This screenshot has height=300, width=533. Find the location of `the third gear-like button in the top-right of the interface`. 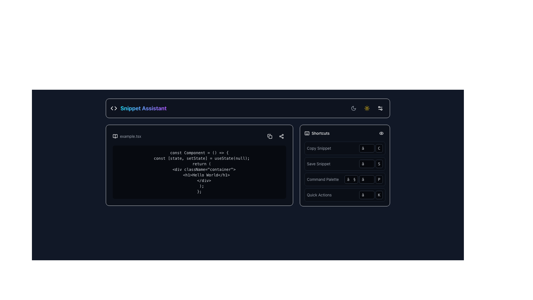

the third gear-like button in the top-right of the interface is located at coordinates (380, 108).